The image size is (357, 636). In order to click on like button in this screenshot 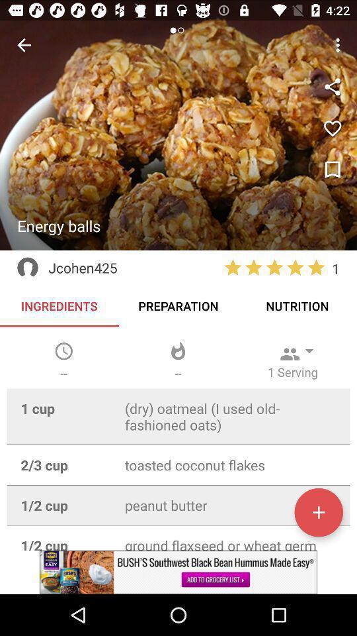, I will do `click(332, 129)`.